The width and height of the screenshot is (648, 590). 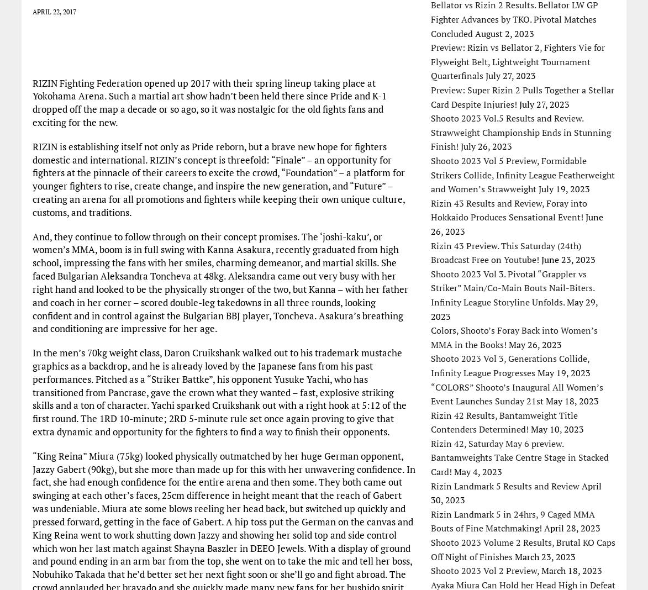 I want to click on 'Shooto 2023 Vol 5 Preview, Formidable Strikers Collide, Infinity League Featherweight and Women’s Strawweight', so click(x=523, y=174).